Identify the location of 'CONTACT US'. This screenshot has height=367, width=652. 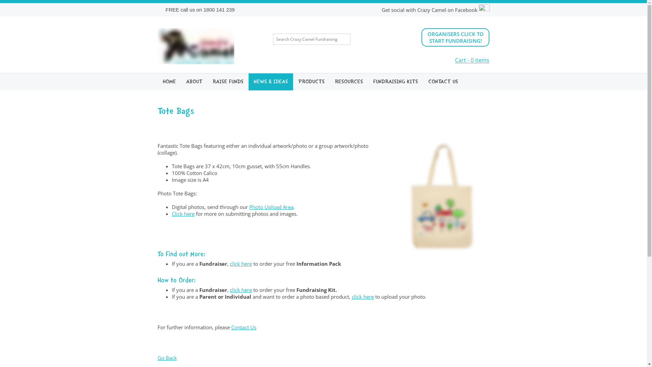
(423, 81).